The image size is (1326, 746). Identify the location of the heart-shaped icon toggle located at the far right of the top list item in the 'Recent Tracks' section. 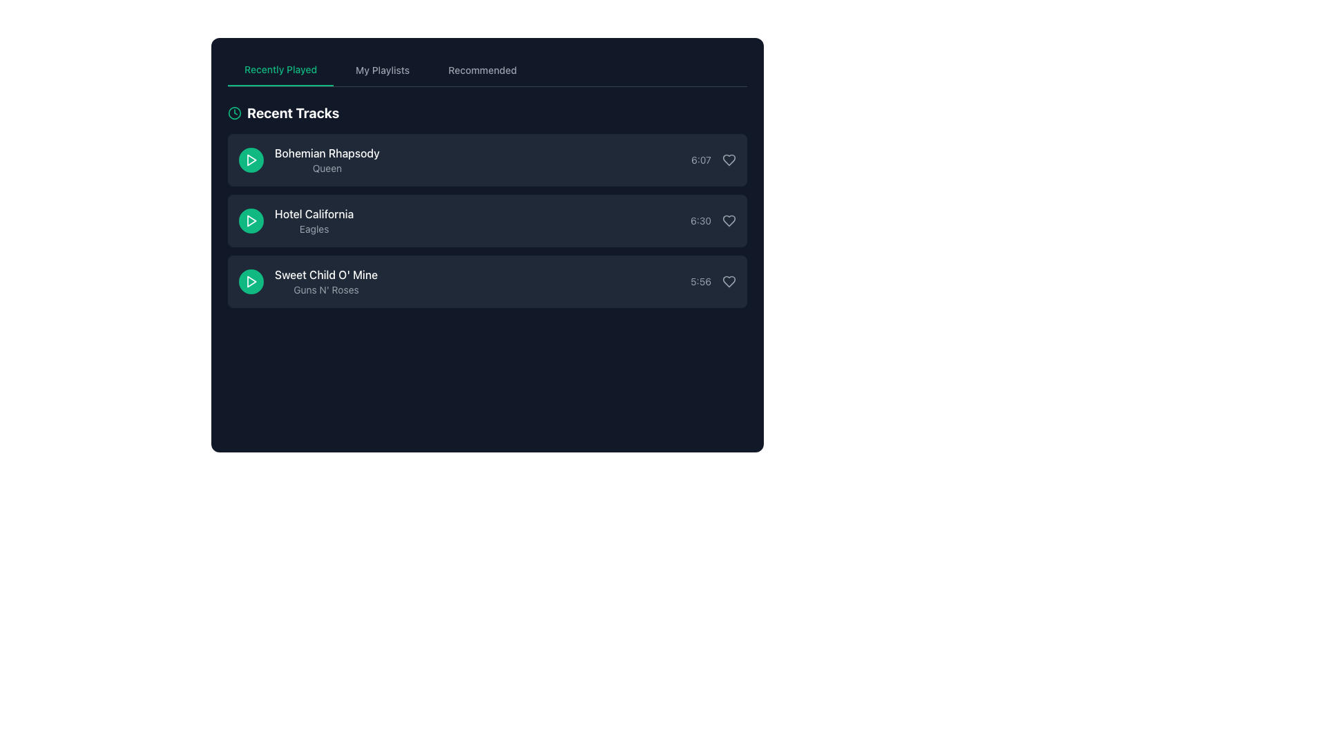
(729, 159).